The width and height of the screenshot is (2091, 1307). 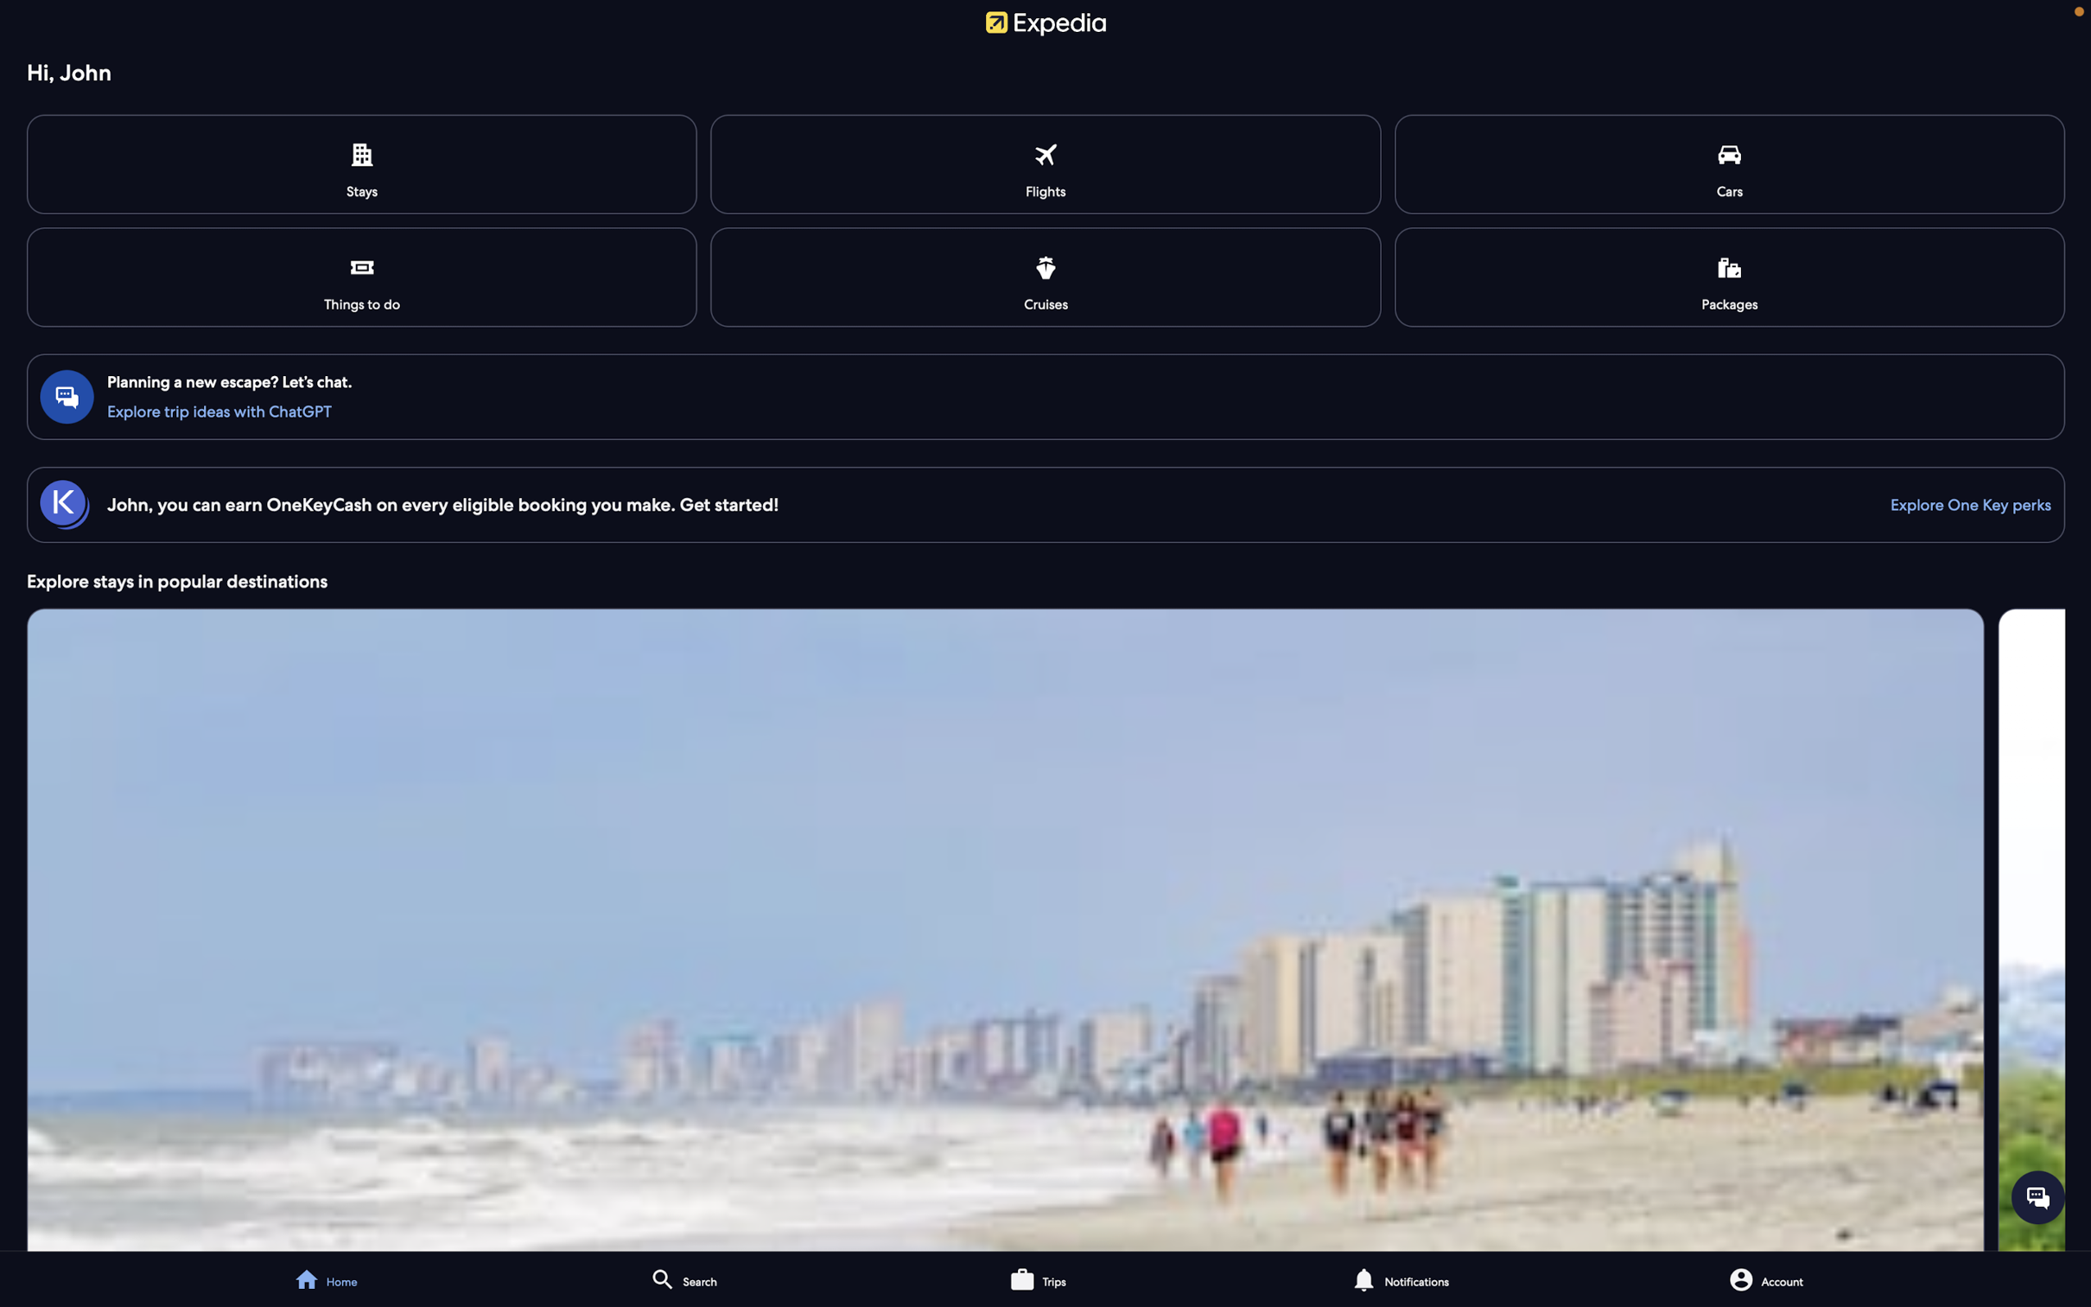 I want to click on the use of One Key Cash feature, so click(x=1961, y=503).